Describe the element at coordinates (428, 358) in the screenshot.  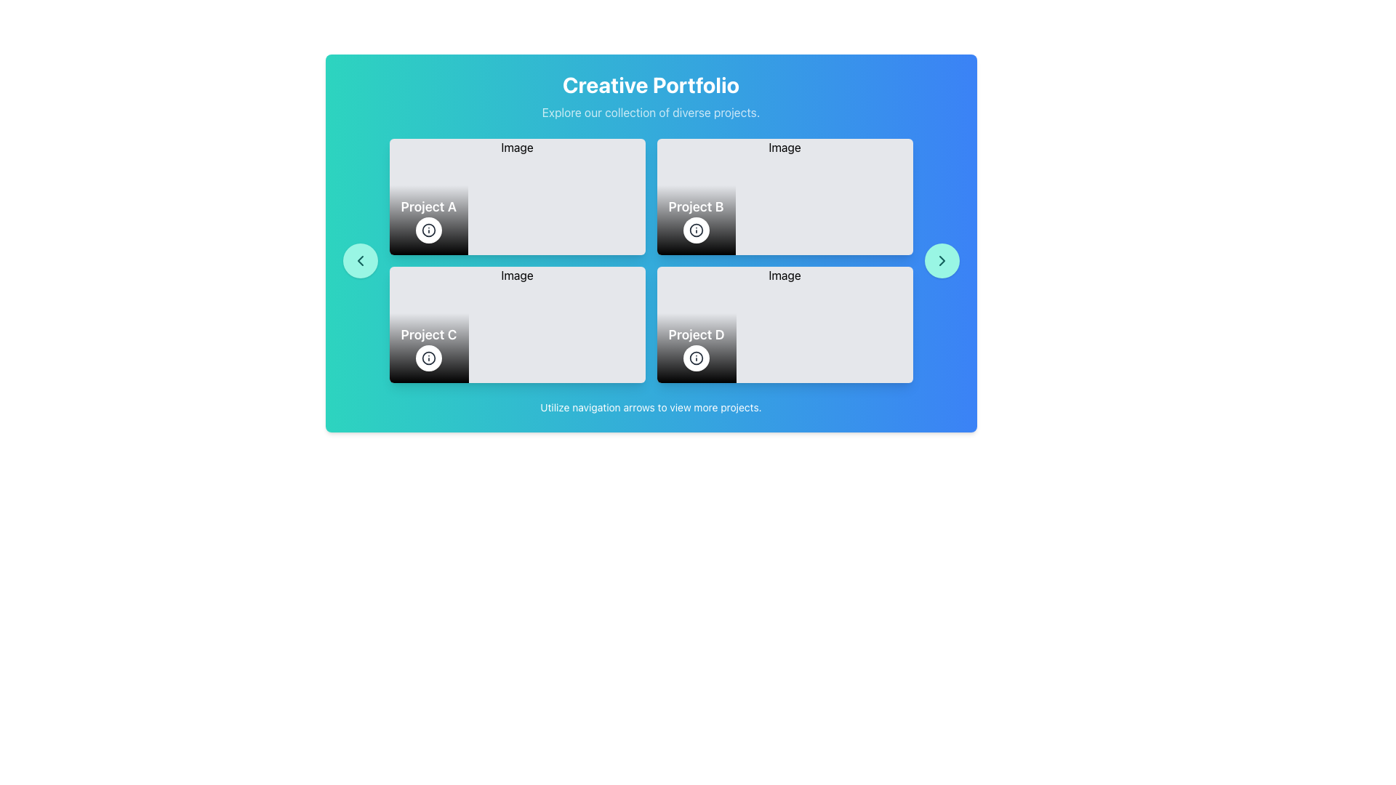
I see `the button located beneath the 'Project C' rectangle in the lower right corner of the black background gradient area to interact` at that location.